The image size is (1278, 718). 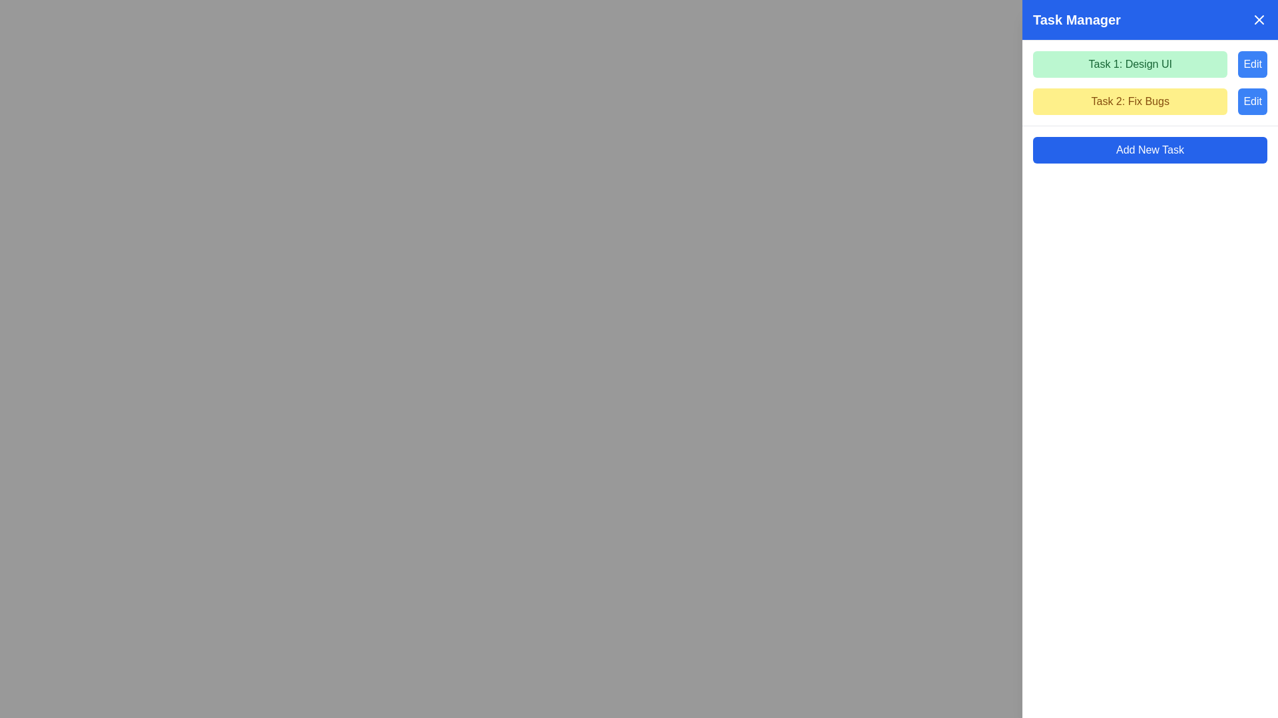 I want to click on the edit button located on the right side of the second task row labeled 'Task 2: Fix Bugs', so click(x=1252, y=101).